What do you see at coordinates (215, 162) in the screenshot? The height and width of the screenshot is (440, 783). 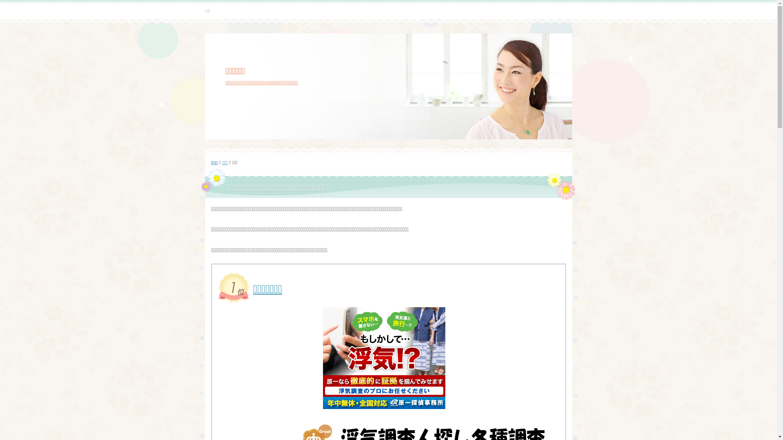 I see `'top'` at bounding box center [215, 162].